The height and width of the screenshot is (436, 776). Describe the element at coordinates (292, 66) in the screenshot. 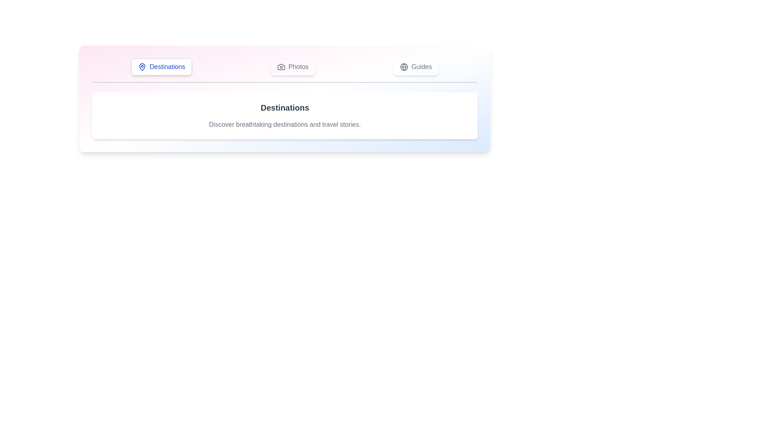

I see `the tab labeled Photos` at that location.